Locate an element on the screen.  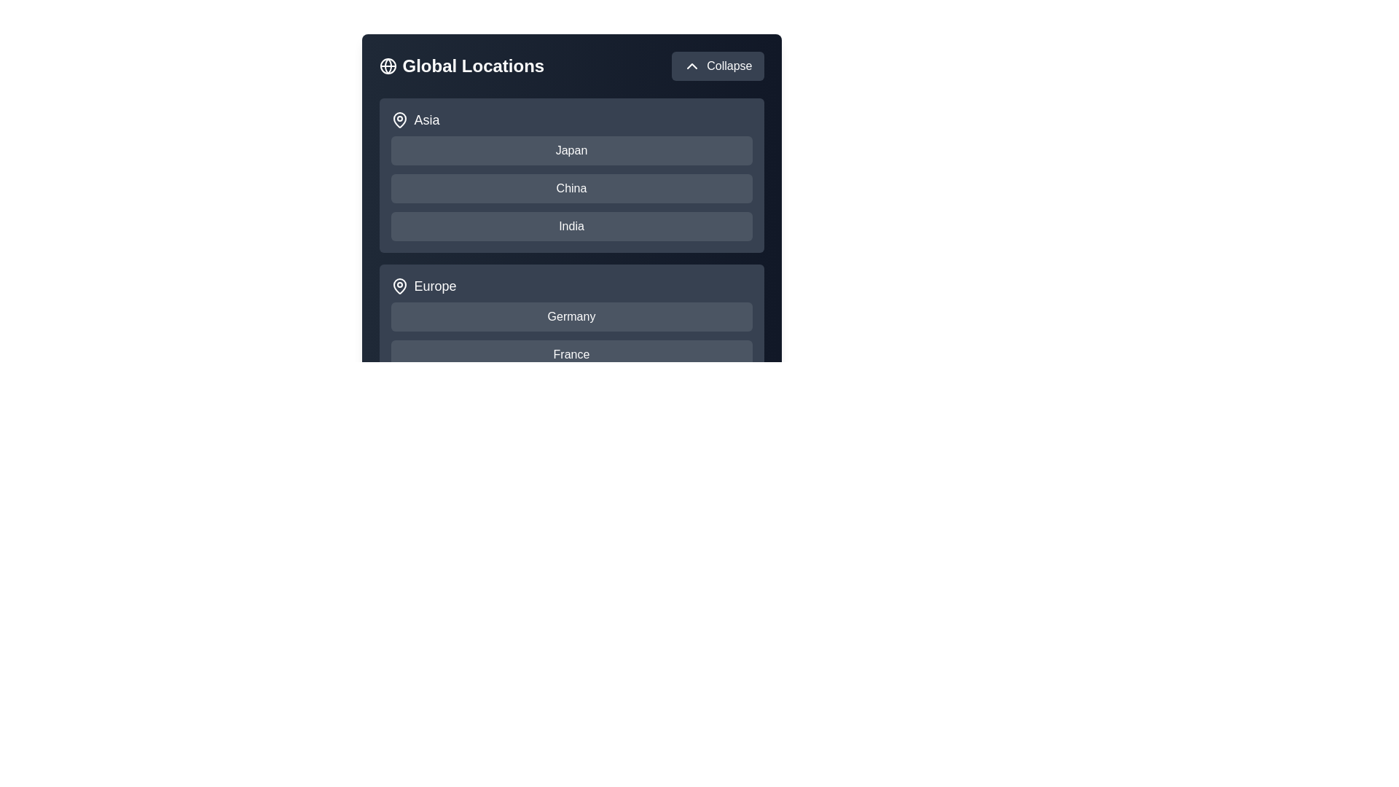
the region label Asia is located at coordinates (571, 120).